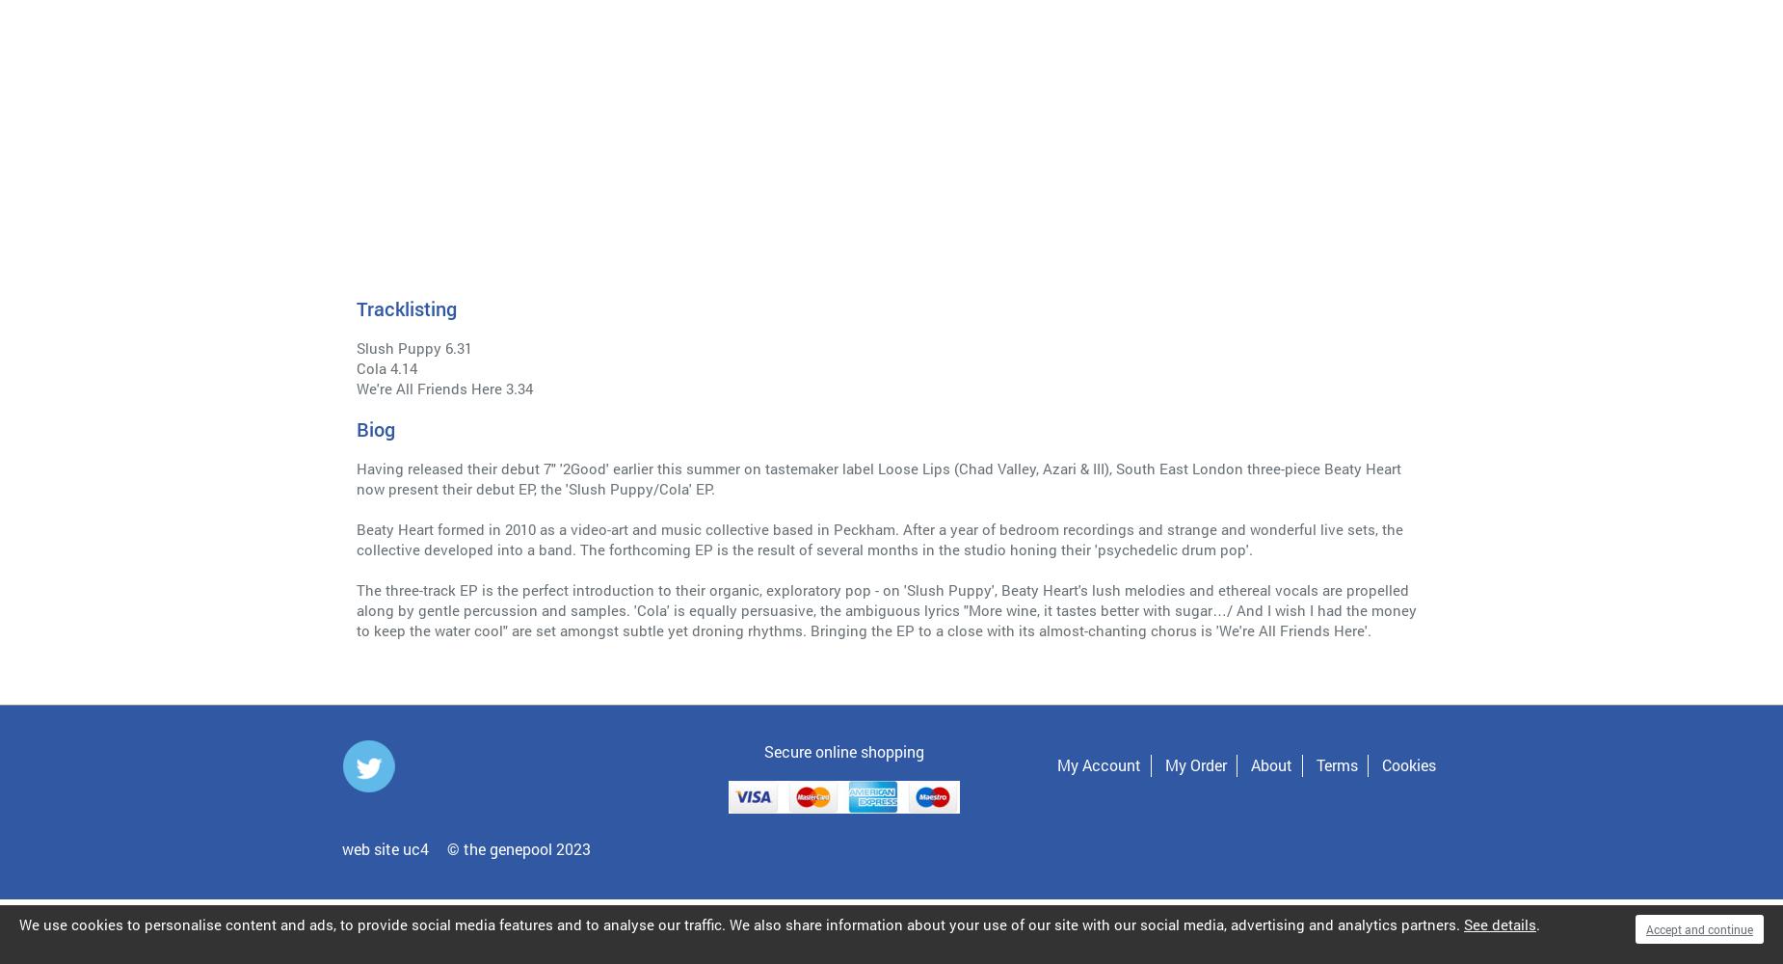 This screenshot has height=964, width=1783. Describe the element at coordinates (879, 477) in the screenshot. I see `'Having released their debut 7" '2Good' earlier this summer on tastemaker label Loose Lips (Chad Valley, Azari & III), South East London three-piece Beaty Heart now present their debut EP, the 'Slush Puppy/Cola' EP.'` at that location.